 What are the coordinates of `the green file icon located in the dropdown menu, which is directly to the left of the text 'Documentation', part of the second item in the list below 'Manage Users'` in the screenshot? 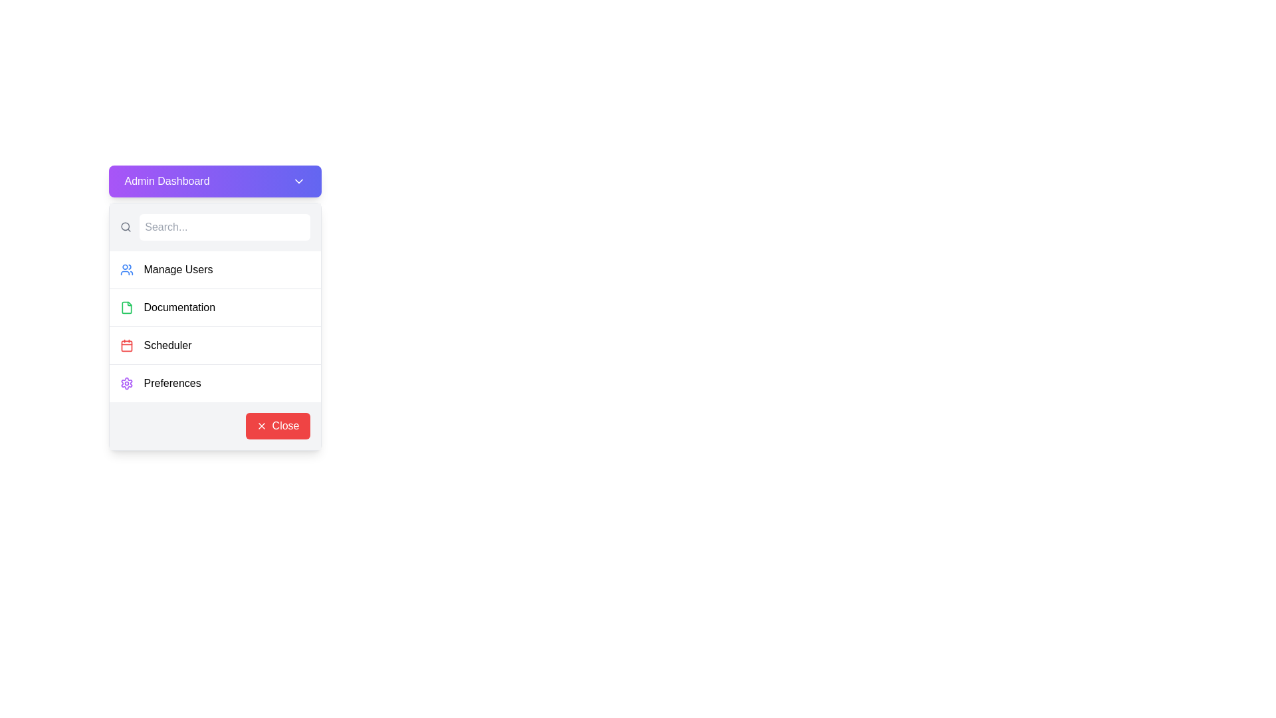 It's located at (126, 307).